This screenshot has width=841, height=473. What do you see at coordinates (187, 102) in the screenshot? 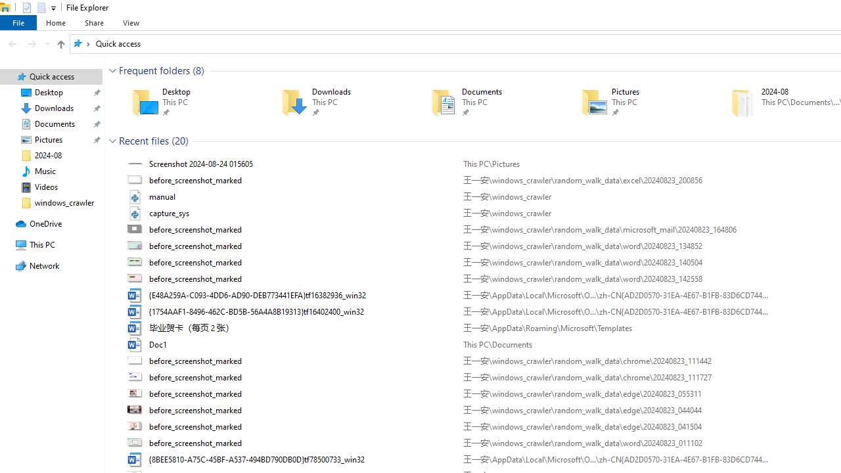
I see `'Desktop'` at bounding box center [187, 102].